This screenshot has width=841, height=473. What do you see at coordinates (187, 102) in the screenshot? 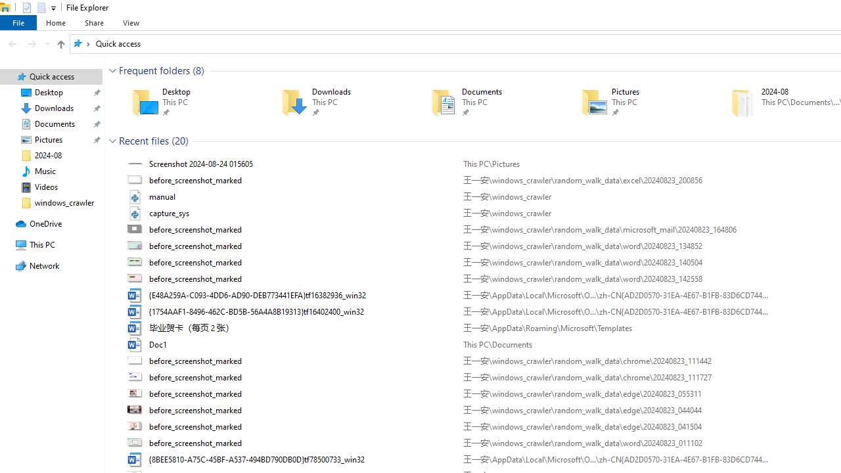
I see `'Desktop'` at bounding box center [187, 102].